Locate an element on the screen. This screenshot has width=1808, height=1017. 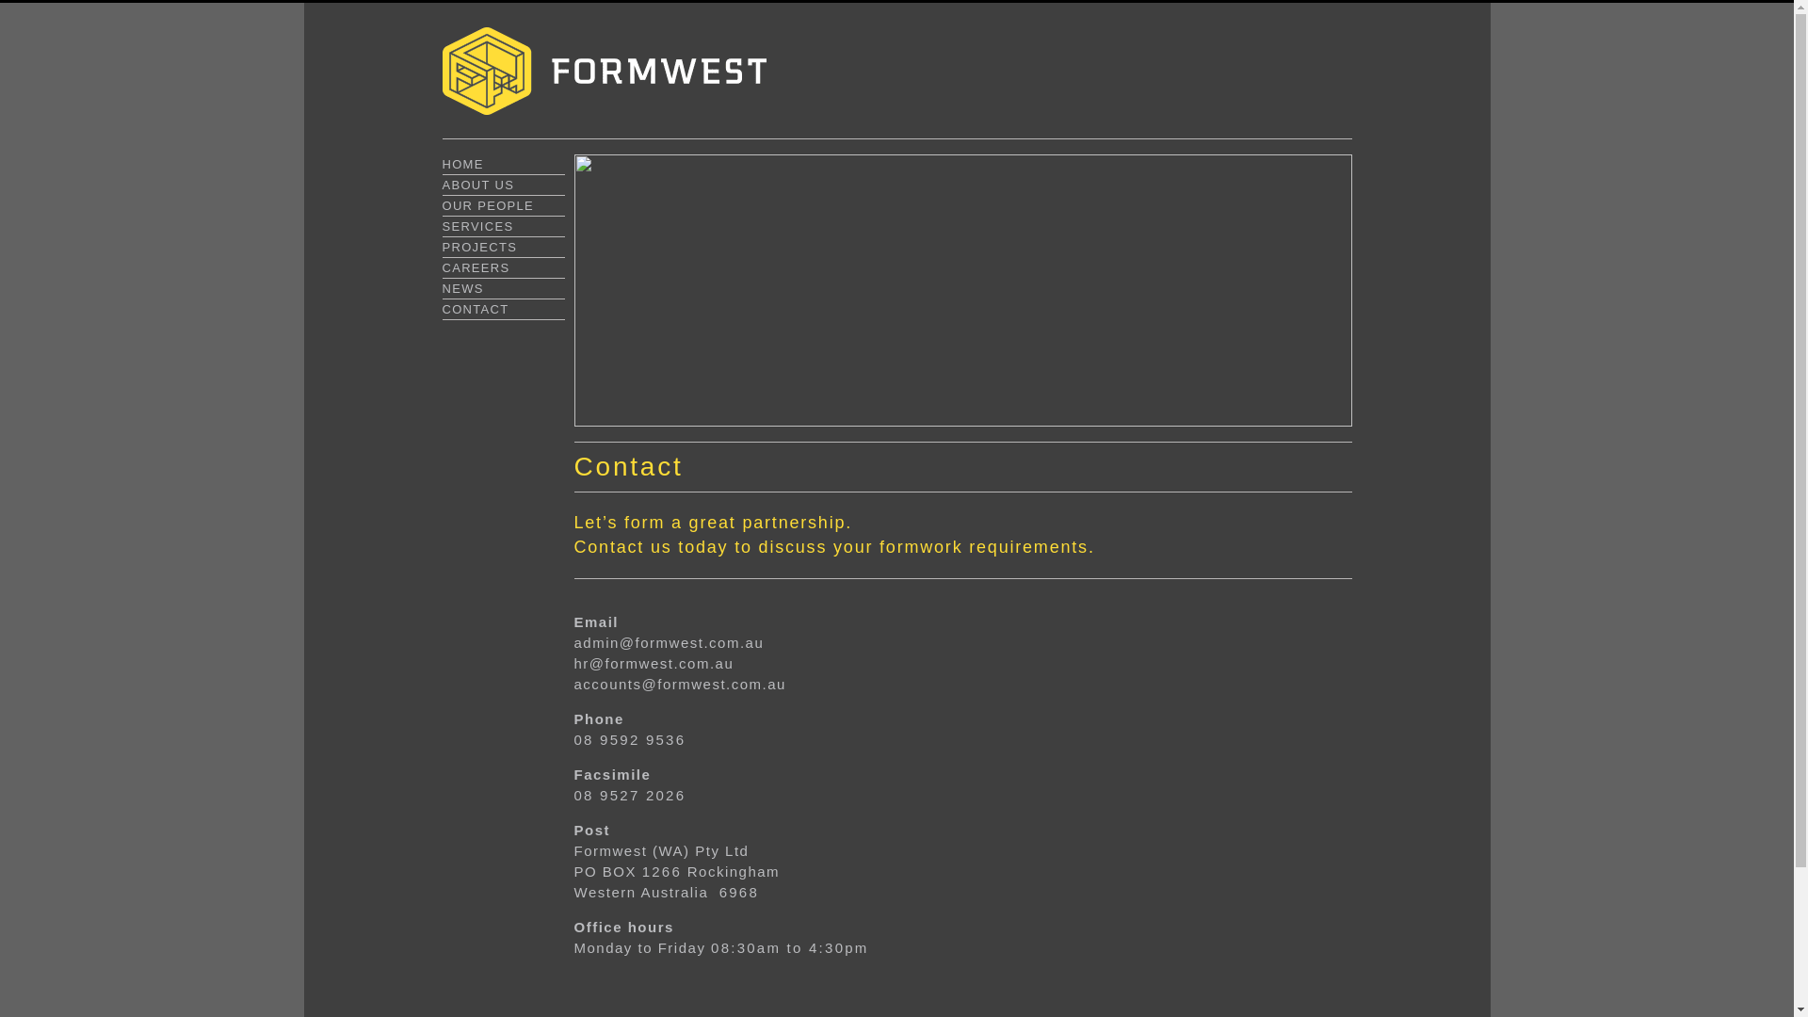
'CAREERS' is located at coordinates (476, 265).